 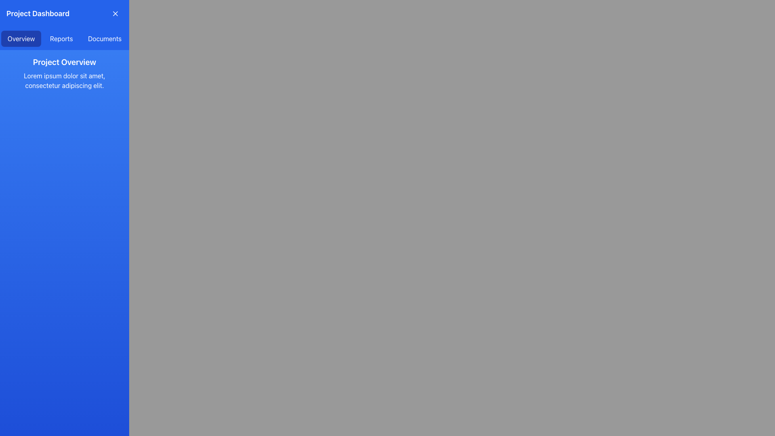 I want to click on the first button in the top-left section of the horizontal navigation bar, so click(x=21, y=39).